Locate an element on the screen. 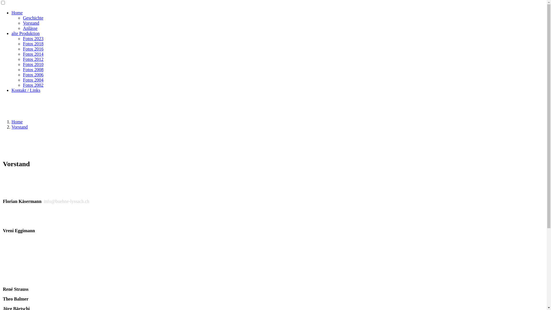  'Kontakt / Links' is located at coordinates (26, 90).